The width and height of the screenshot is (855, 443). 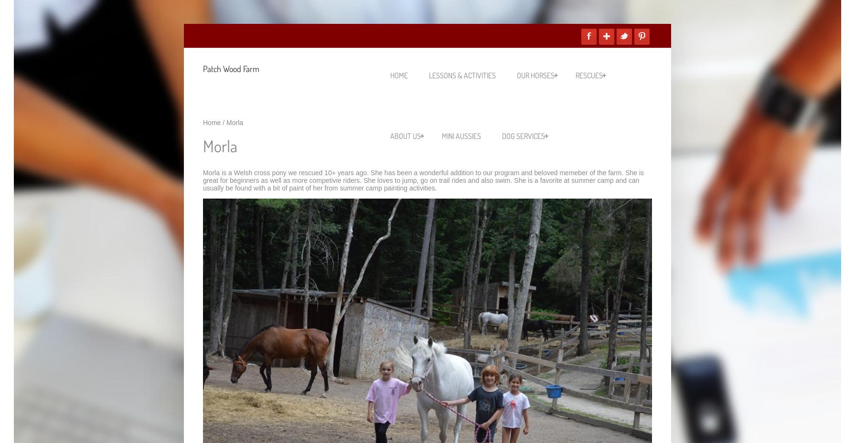 What do you see at coordinates (224, 122) in the screenshot?
I see `'/'` at bounding box center [224, 122].